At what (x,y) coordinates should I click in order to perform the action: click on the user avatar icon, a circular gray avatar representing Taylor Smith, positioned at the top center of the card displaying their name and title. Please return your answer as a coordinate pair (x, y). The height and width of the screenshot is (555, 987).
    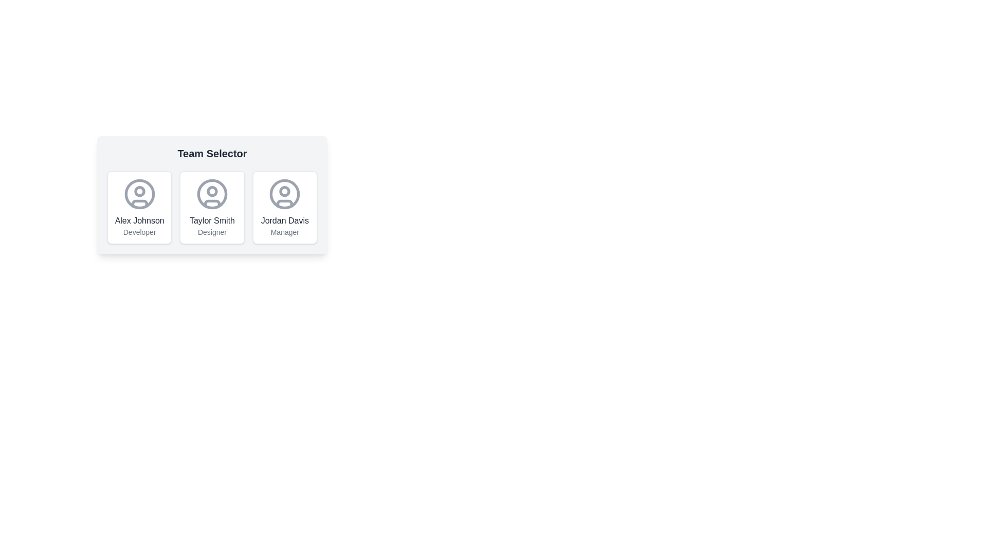
    Looking at the image, I should click on (211, 194).